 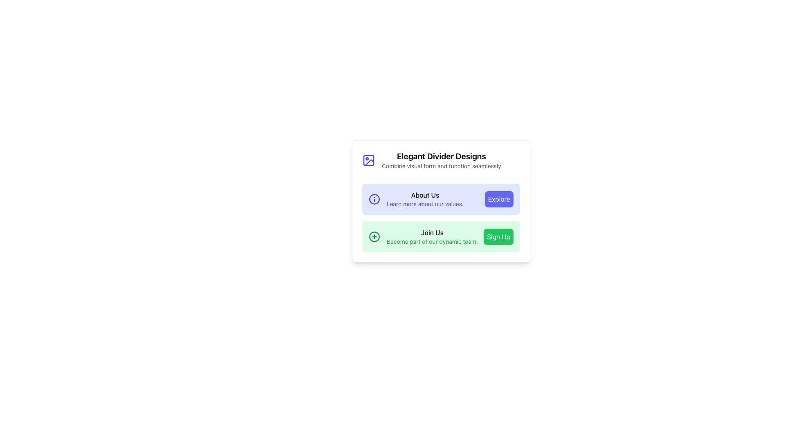 What do you see at coordinates (374, 199) in the screenshot?
I see `the indigo circular outline icon with an 'i' inside, located to the left of the 'About Us' text block` at bounding box center [374, 199].